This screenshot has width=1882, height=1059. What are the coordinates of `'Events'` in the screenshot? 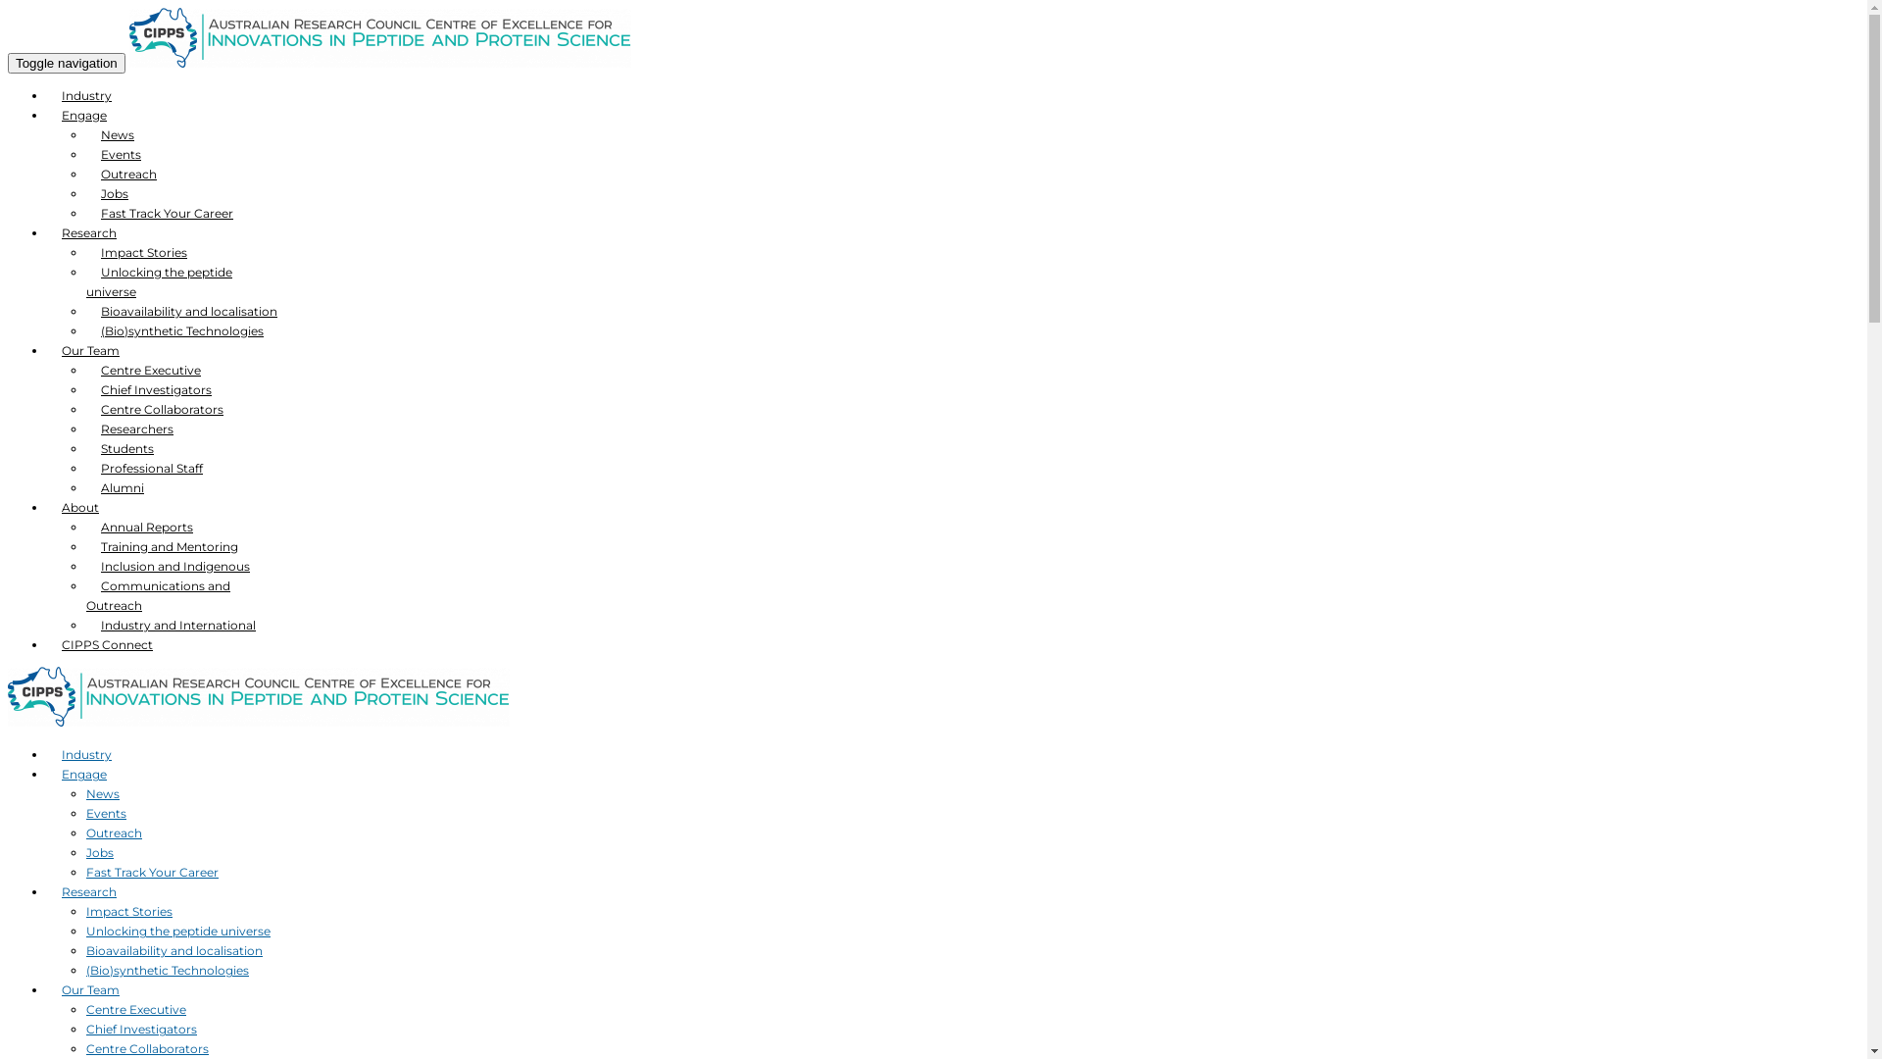 It's located at (105, 813).